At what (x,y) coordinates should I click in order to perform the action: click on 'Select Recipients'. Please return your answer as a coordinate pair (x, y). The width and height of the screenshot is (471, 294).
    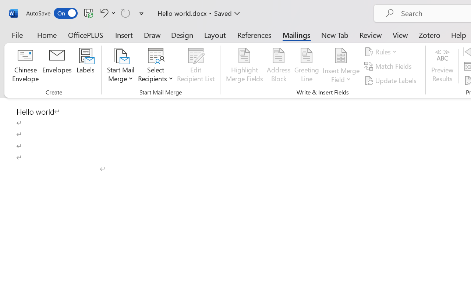
    Looking at the image, I should click on (155, 66).